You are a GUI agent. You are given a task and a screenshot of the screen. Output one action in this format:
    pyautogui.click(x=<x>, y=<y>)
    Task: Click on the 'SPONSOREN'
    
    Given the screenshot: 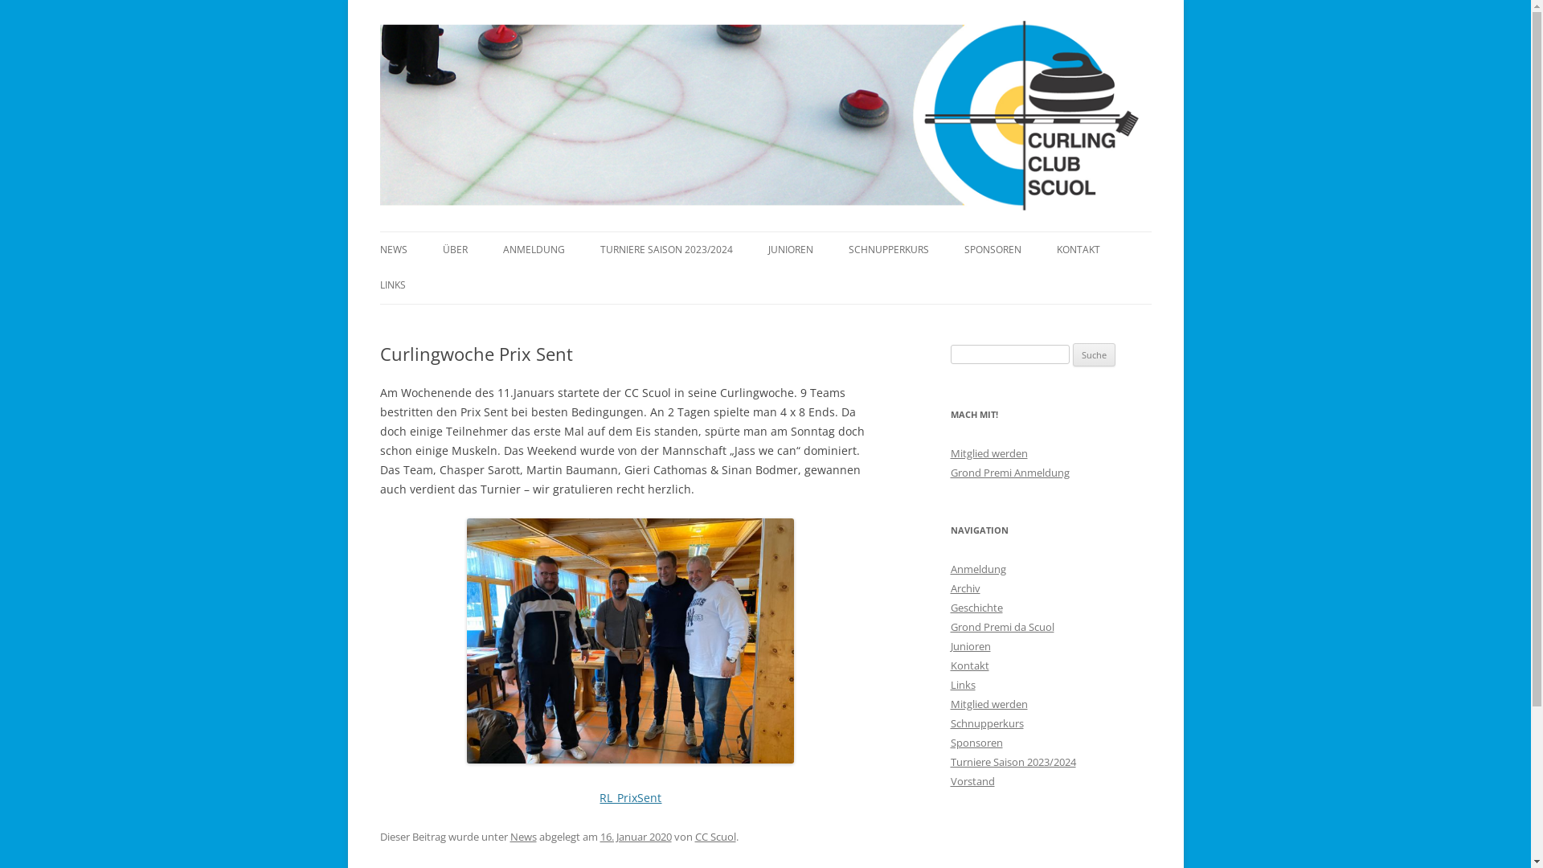 What is the action you would take?
    pyautogui.click(x=992, y=250)
    